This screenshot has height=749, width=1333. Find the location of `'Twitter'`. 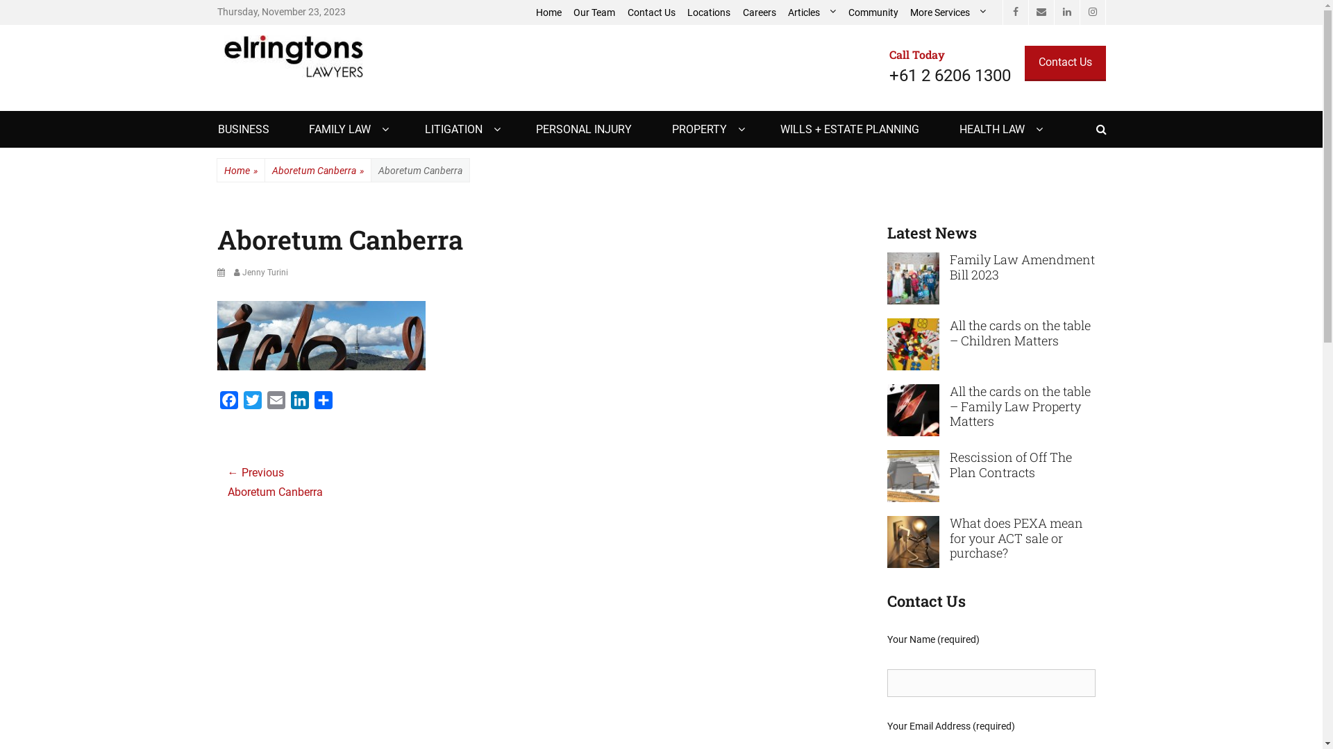

'Twitter' is located at coordinates (240, 403).